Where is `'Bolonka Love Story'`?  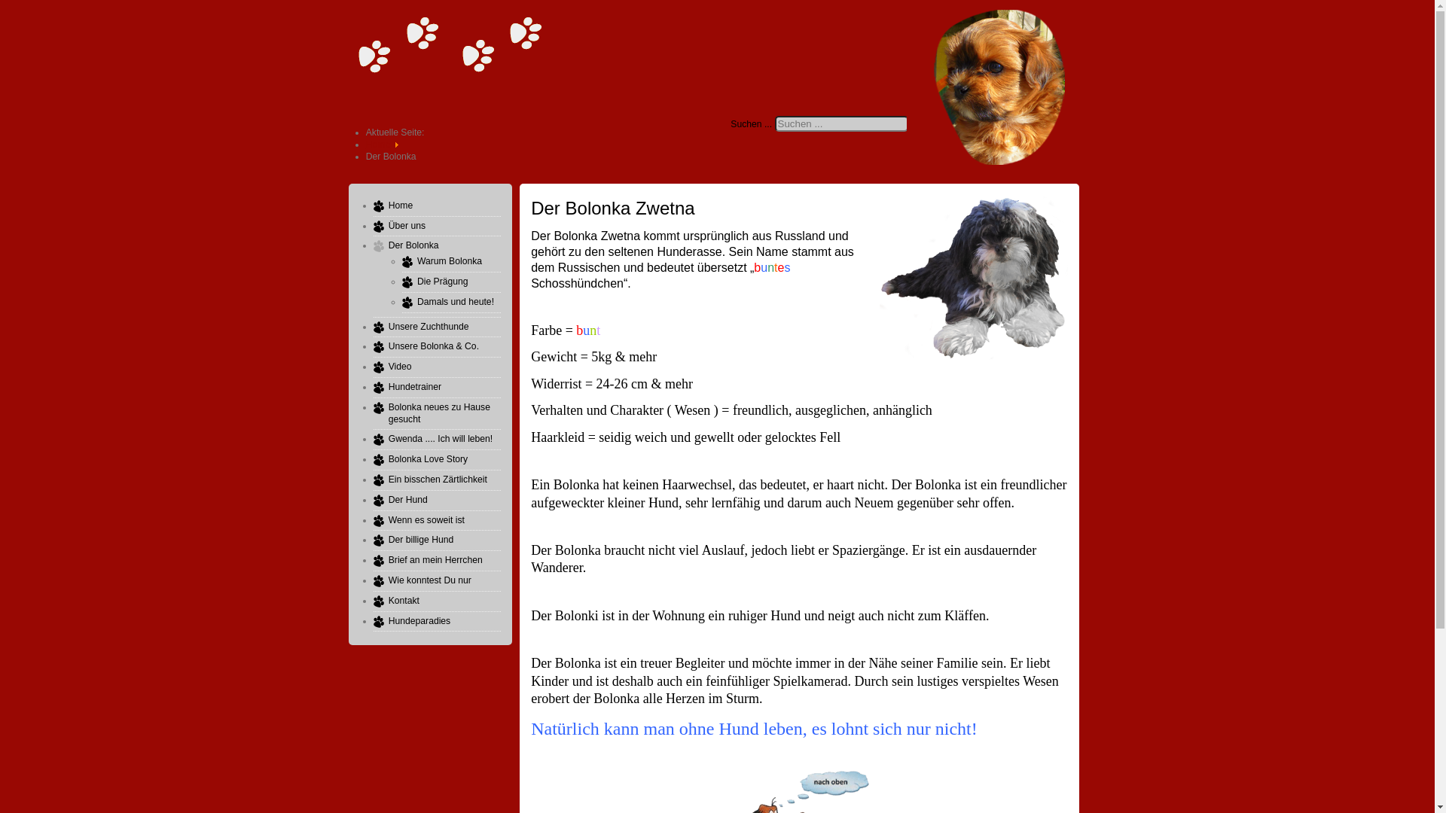
'Bolonka Love Story' is located at coordinates (427, 458).